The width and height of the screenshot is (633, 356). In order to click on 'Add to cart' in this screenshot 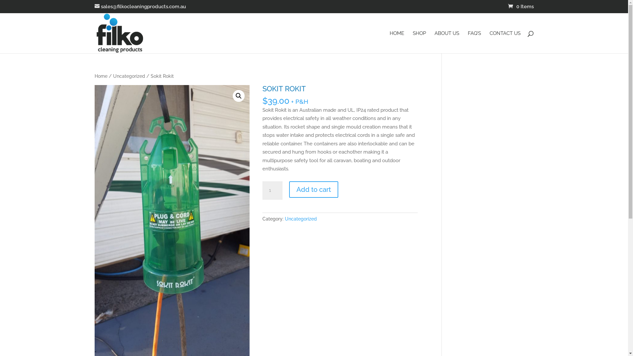, I will do `click(289, 189)`.